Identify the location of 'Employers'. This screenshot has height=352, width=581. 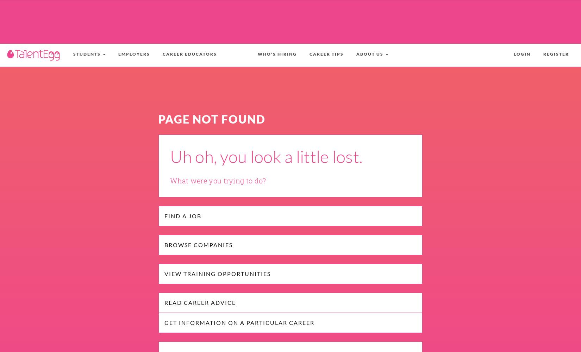
(134, 54).